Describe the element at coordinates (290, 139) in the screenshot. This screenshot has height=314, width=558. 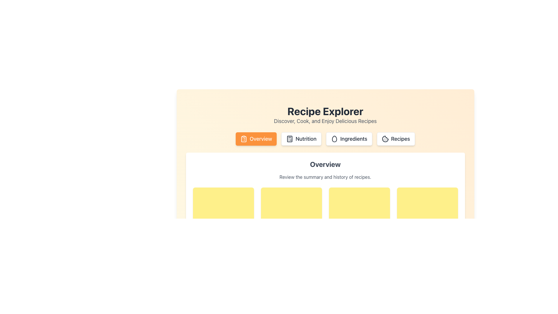
I see `the 'Nutrition' icon located within the 'Nutrition' button, which is the second clickable element in the navigation bar under the 'Recipe Explorer' title` at that location.